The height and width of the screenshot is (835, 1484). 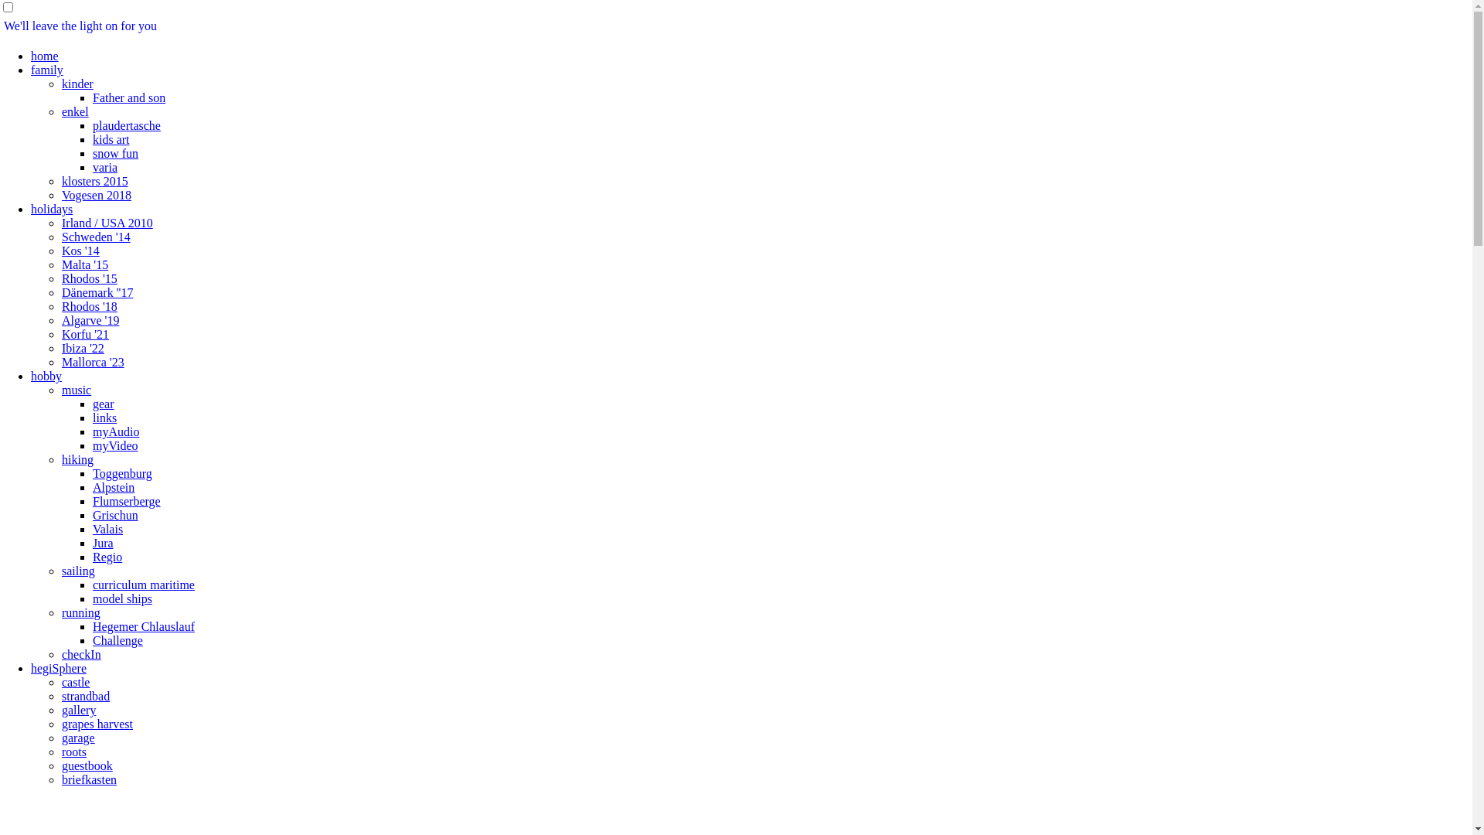 I want to click on 'kids art', so click(x=111, y=139).